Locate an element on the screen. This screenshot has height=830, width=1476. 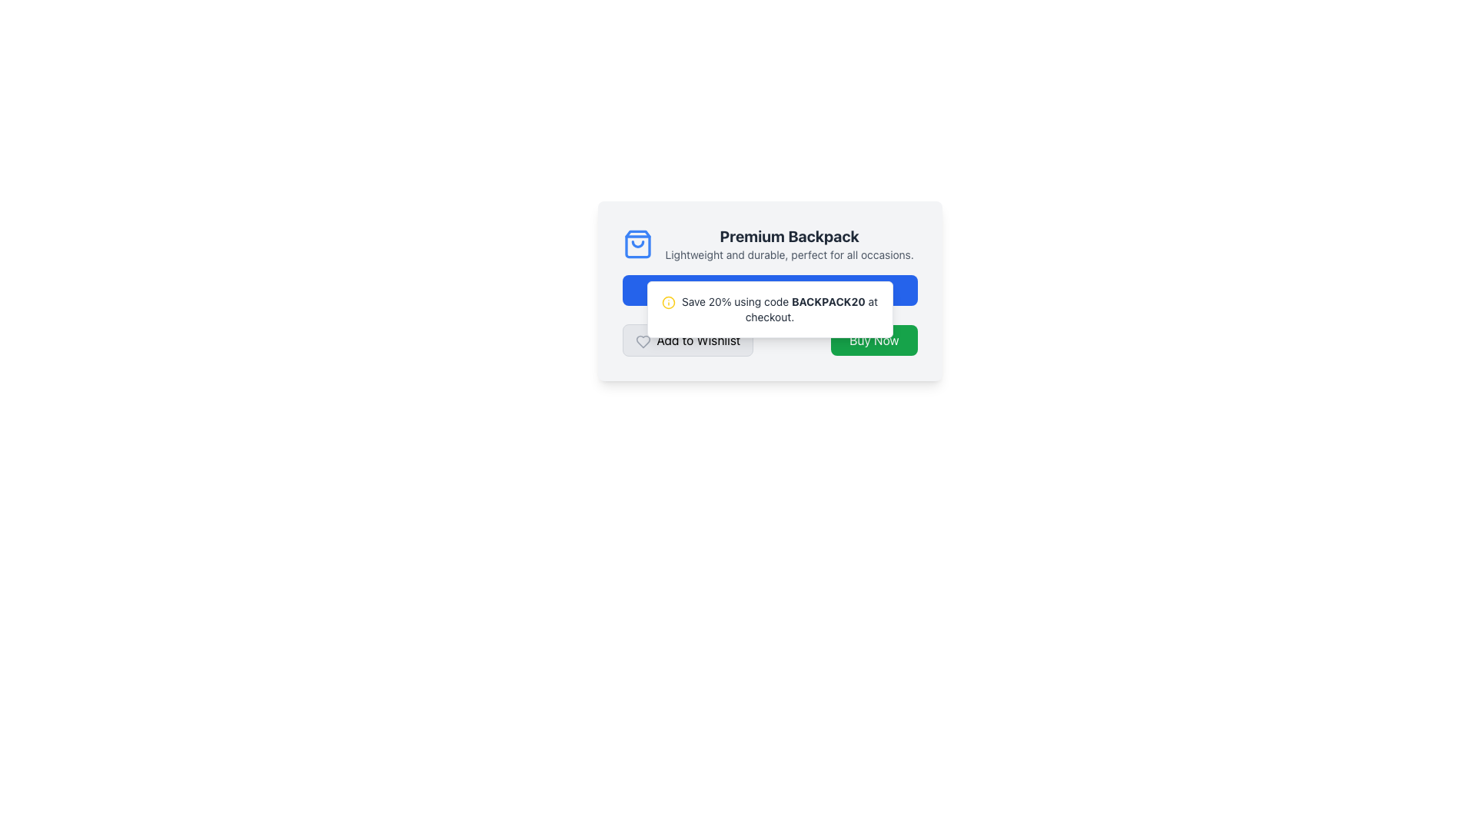
the heart-shaped icon located to the left of the 'Add to Wishlist' text, which visually reinforces the wishlist concept is located at coordinates (643, 340).